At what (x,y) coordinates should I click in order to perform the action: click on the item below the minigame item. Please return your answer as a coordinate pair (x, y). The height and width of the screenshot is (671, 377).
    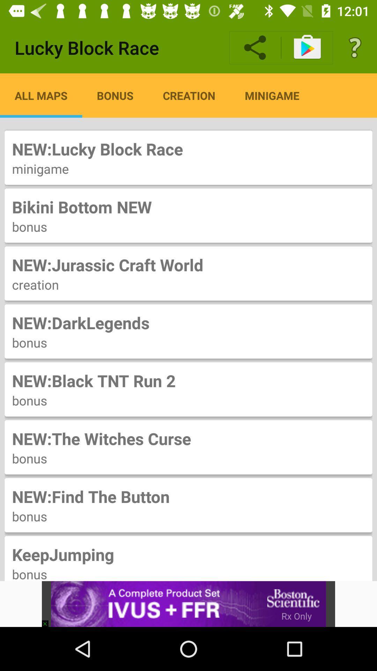
    Looking at the image, I should click on (188, 207).